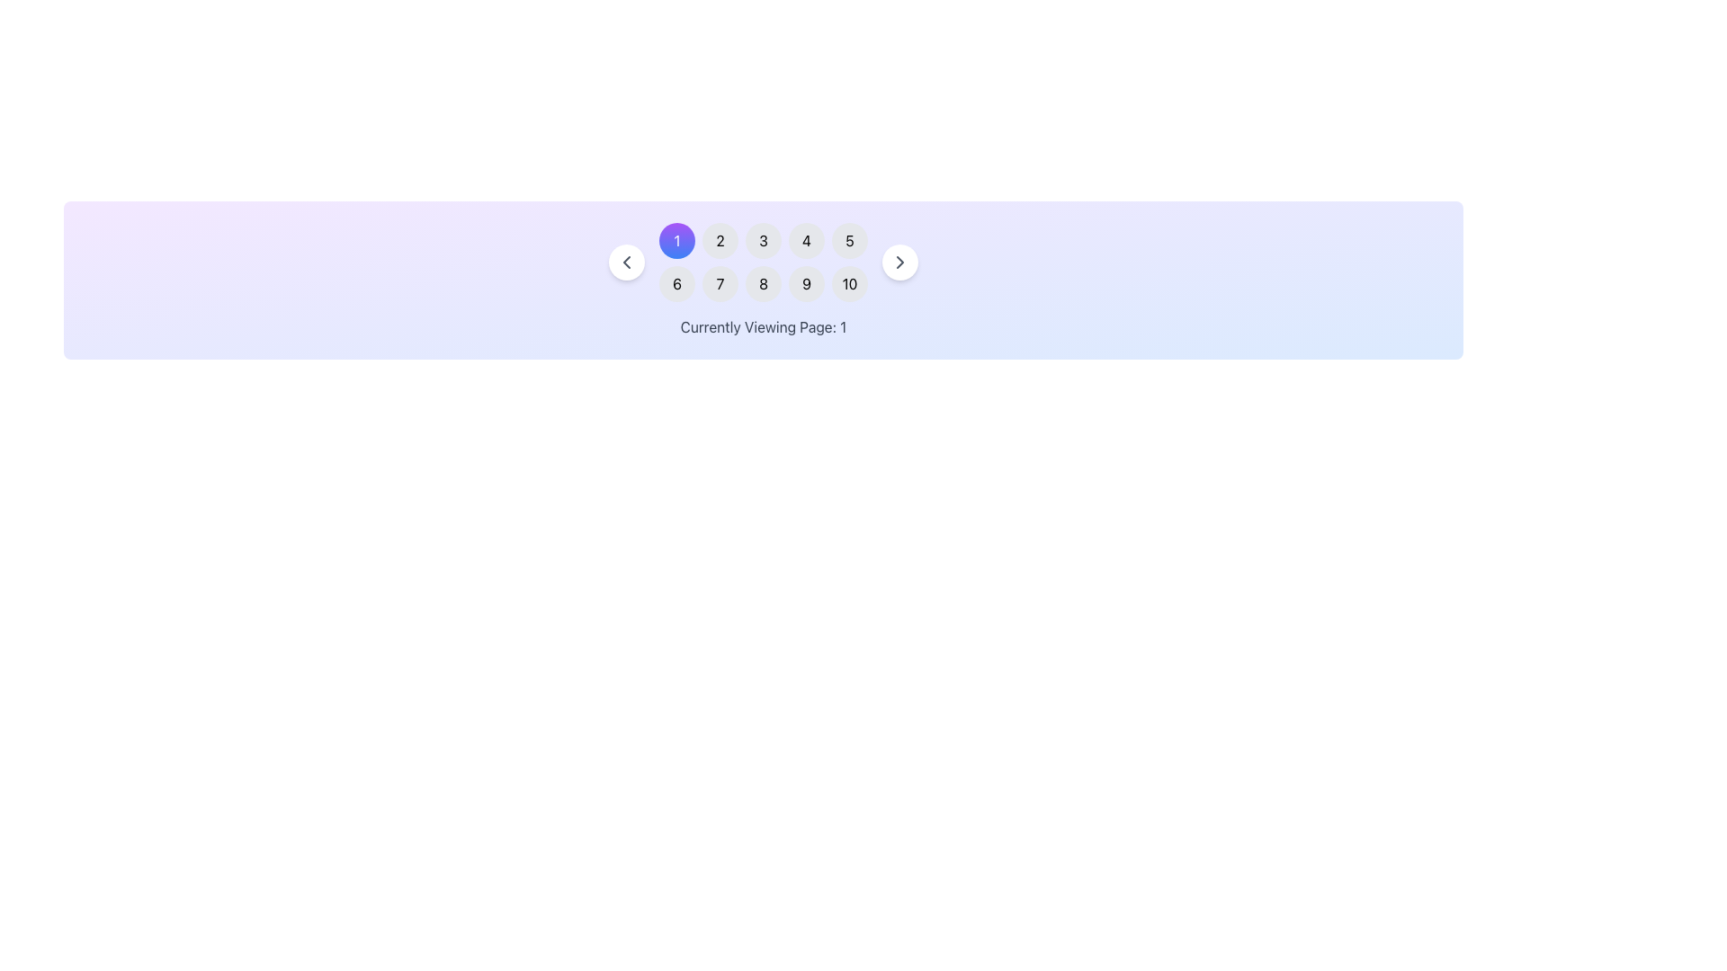 This screenshot has height=971, width=1727. What do you see at coordinates (626, 263) in the screenshot?
I see `the left navigation icon in the pagination bar` at bounding box center [626, 263].